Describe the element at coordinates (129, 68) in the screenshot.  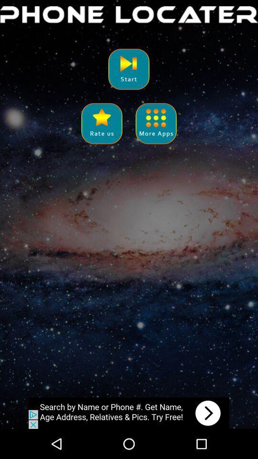
I see `start locater` at that location.